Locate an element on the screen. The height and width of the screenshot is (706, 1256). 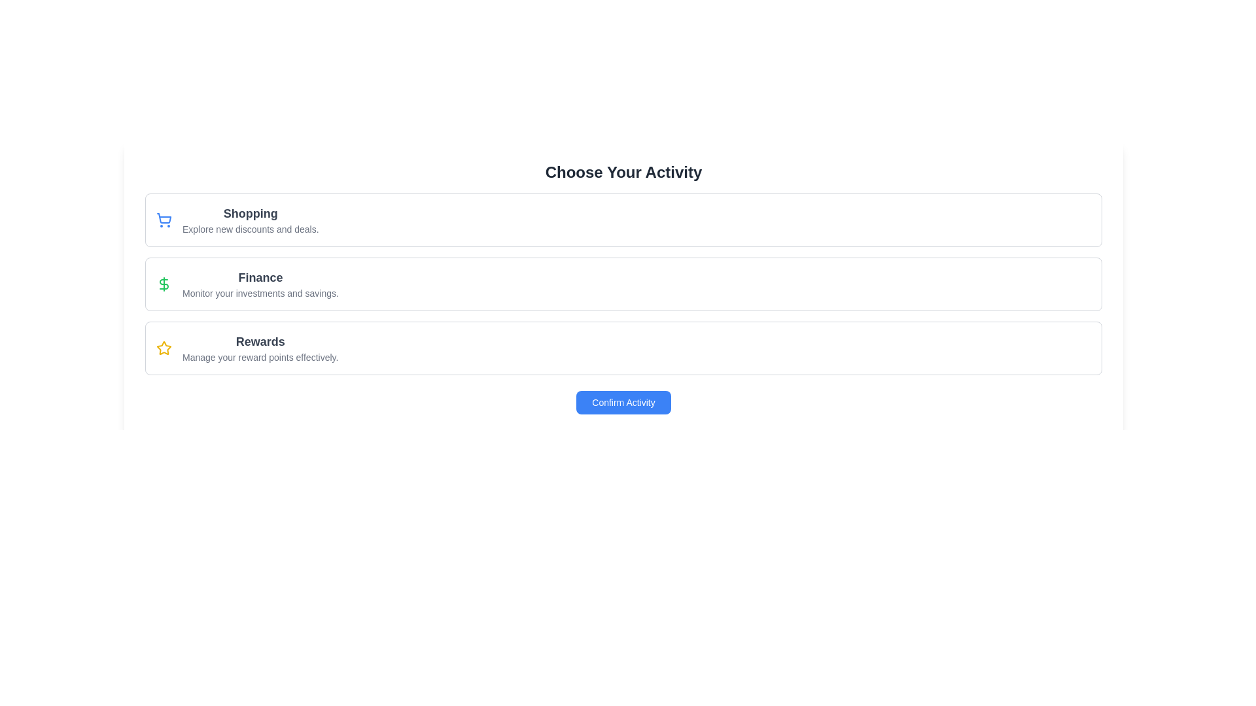
descriptive text located directly below the 'Shopping' heading and icon, which provides additional context for the Shopping section is located at coordinates (251, 229).